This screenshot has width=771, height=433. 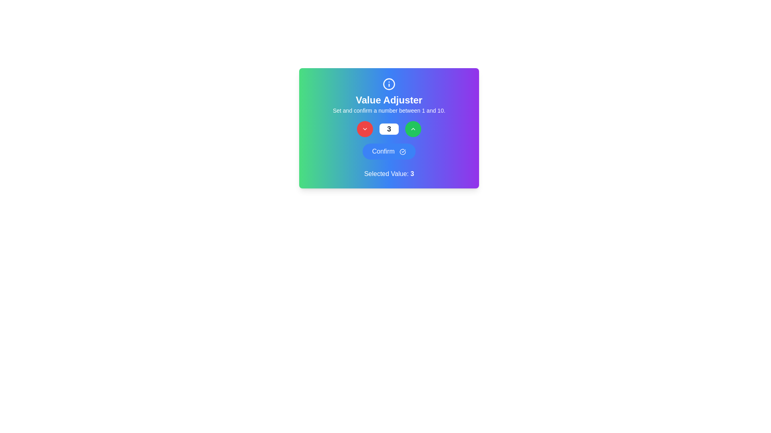 I want to click on the decrement button located on the left side of the central group of interactive elements to experience the hover effect, so click(x=364, y=128).